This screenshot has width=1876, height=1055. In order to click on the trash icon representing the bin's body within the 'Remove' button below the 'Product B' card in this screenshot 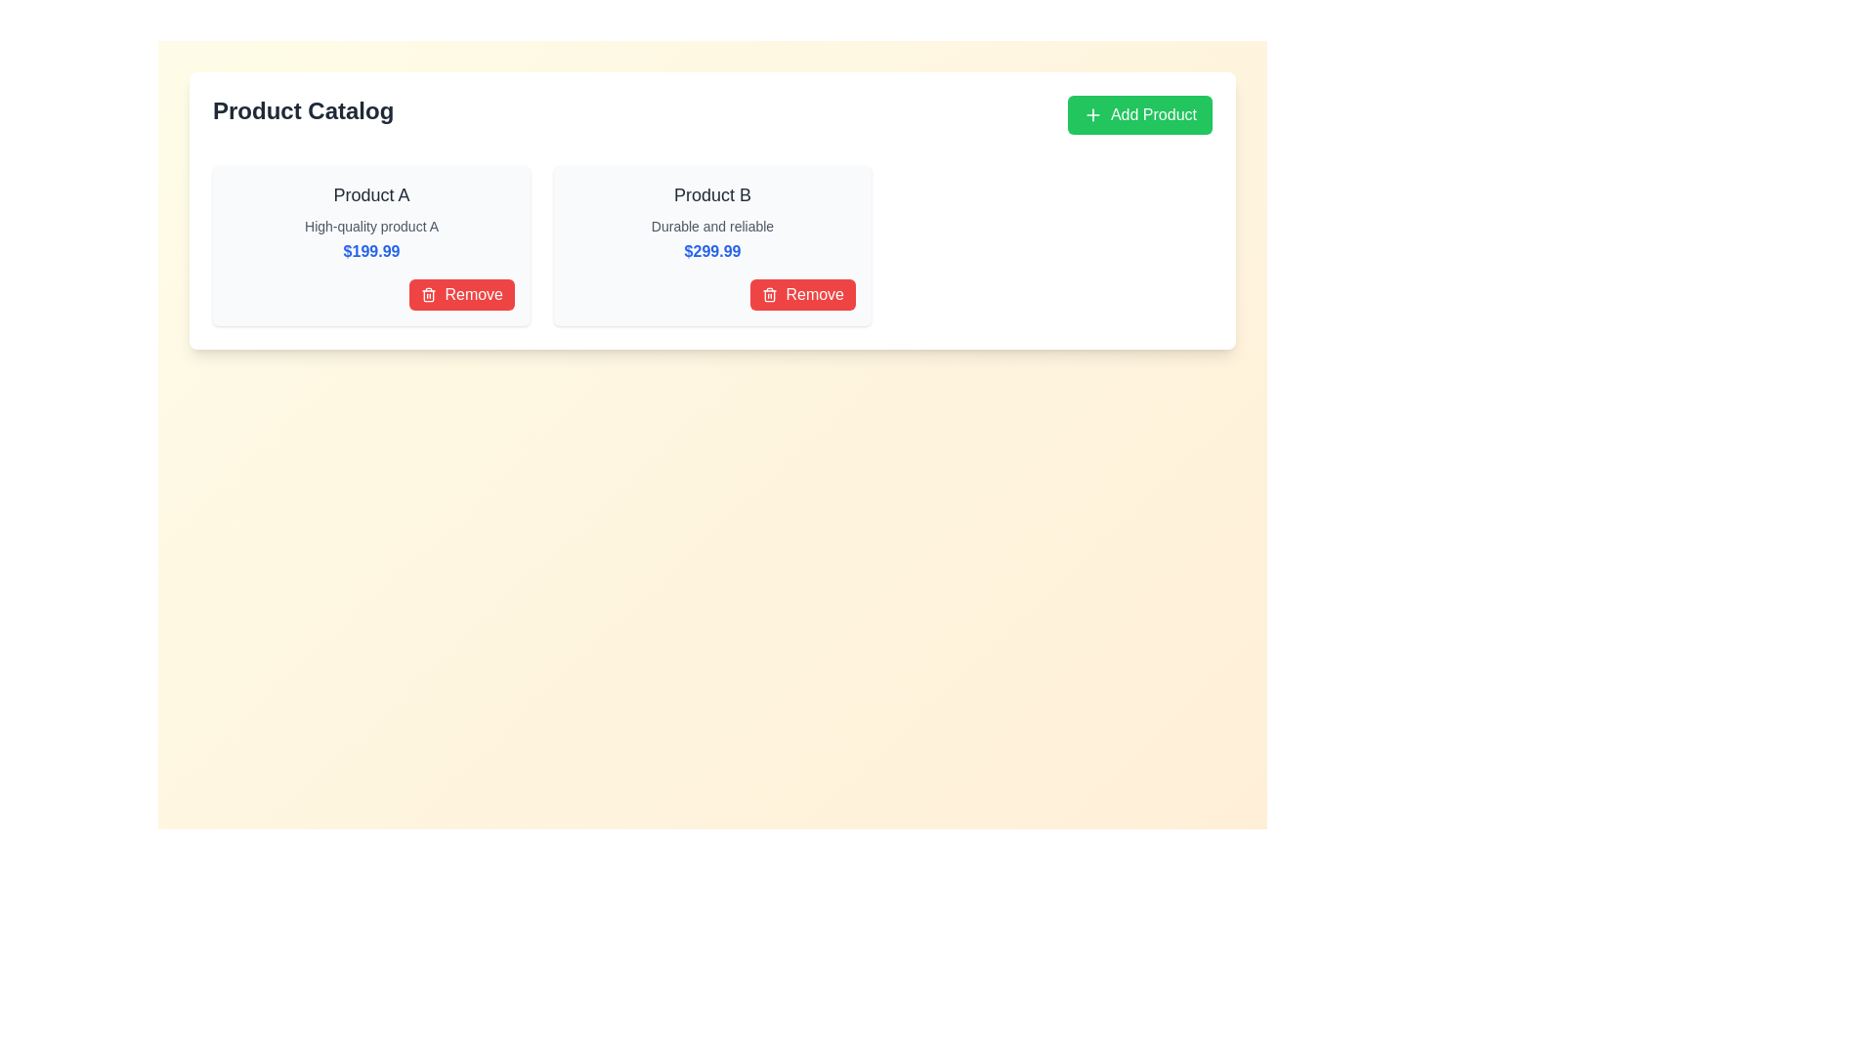, I will do `click(428, 296)`.